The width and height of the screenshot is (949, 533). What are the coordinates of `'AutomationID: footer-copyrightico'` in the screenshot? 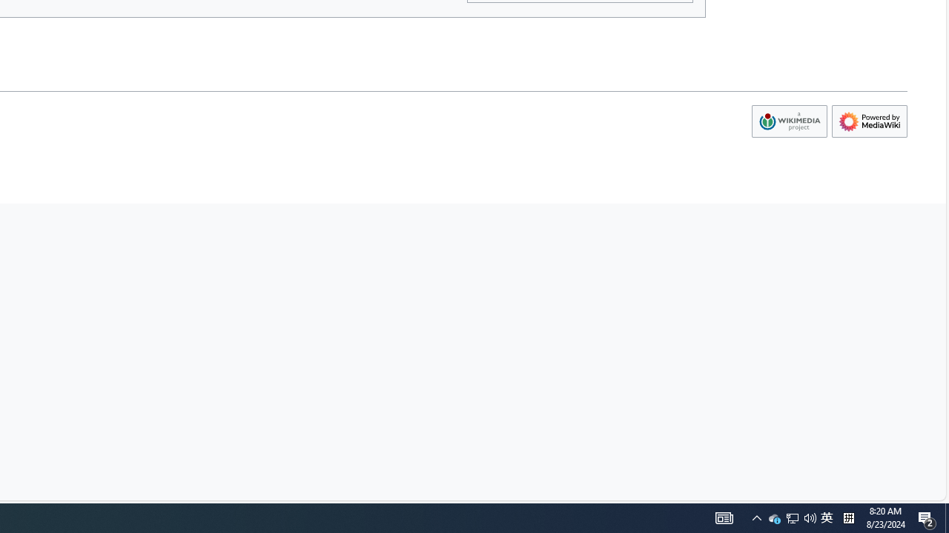 It's located at (788, 121).